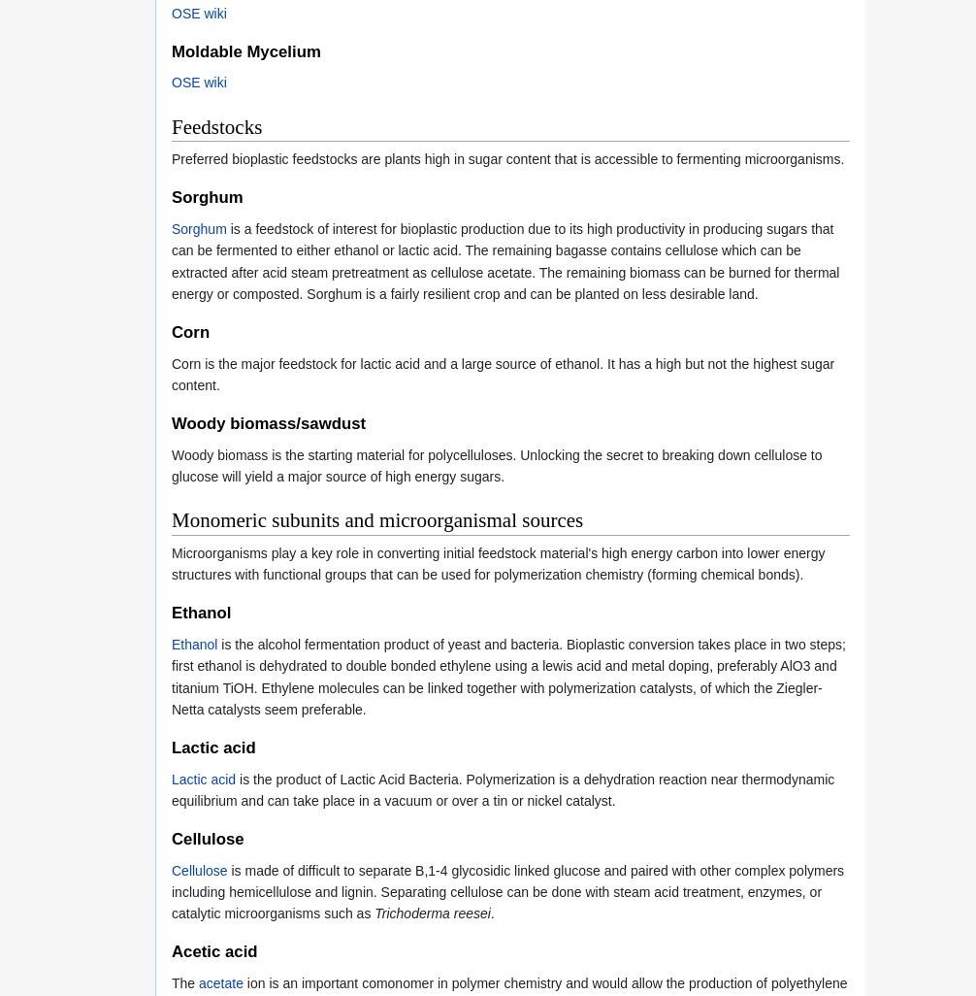 The width and height of the screenshot is (976, 996). What do you see at coordinates (503, 788) in the screenshot?
I see `'is the product of Lactic Acid Bacteria. Polymerization is a dehydration reaction near thermodynamic equilibrium and can take place in a vacuum or over a tin or nickel catalyst.'` at bounding box center [503, 788].